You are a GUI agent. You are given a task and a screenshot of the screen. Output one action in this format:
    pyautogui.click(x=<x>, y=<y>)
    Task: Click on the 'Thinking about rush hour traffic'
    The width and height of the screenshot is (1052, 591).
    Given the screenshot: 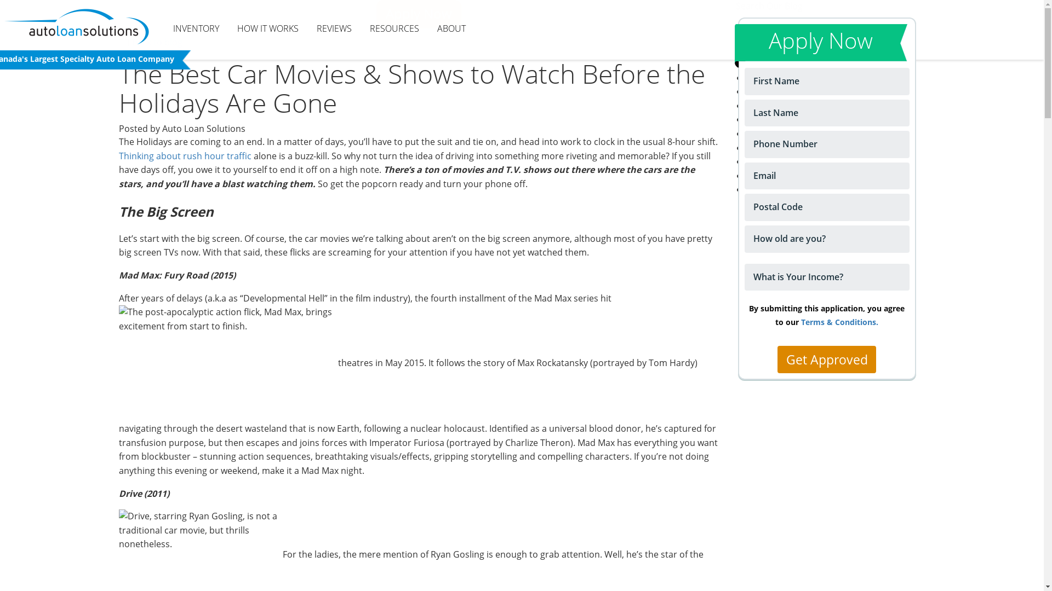 What is the action you would take?
    pyautogui.click(x=184, y=156)
    